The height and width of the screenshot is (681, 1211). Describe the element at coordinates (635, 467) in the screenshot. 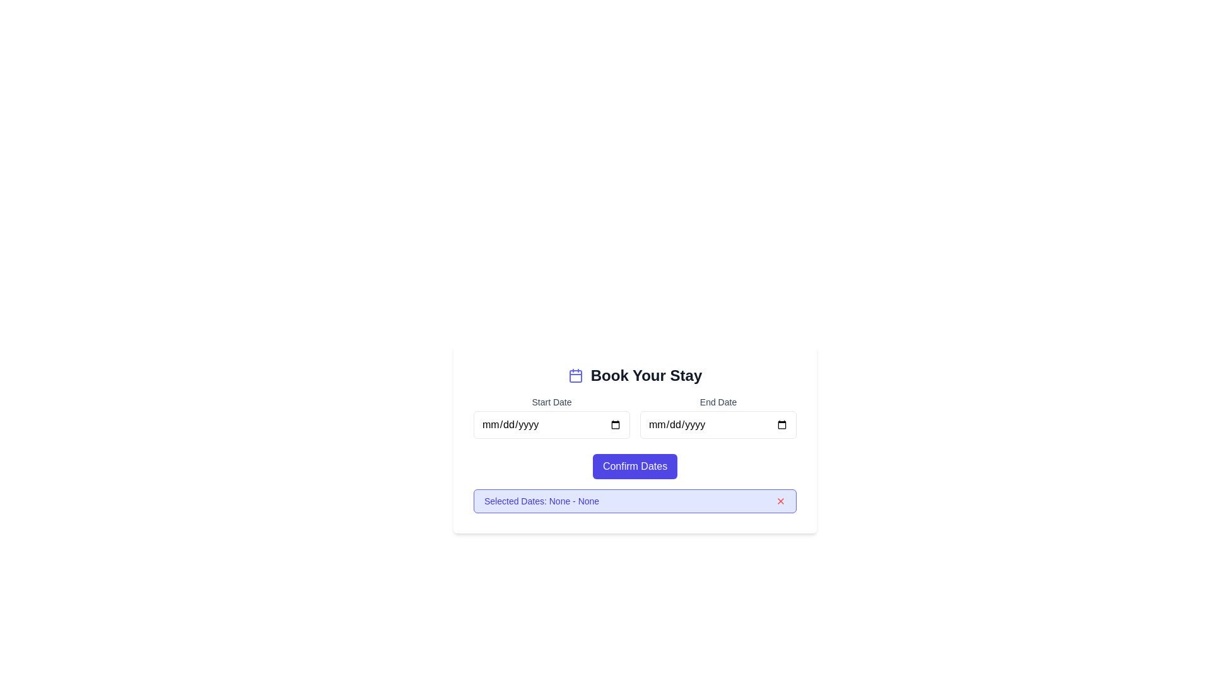

I see `the confirmation button located centrally below the date input fields to observe the hover effect` at that location.